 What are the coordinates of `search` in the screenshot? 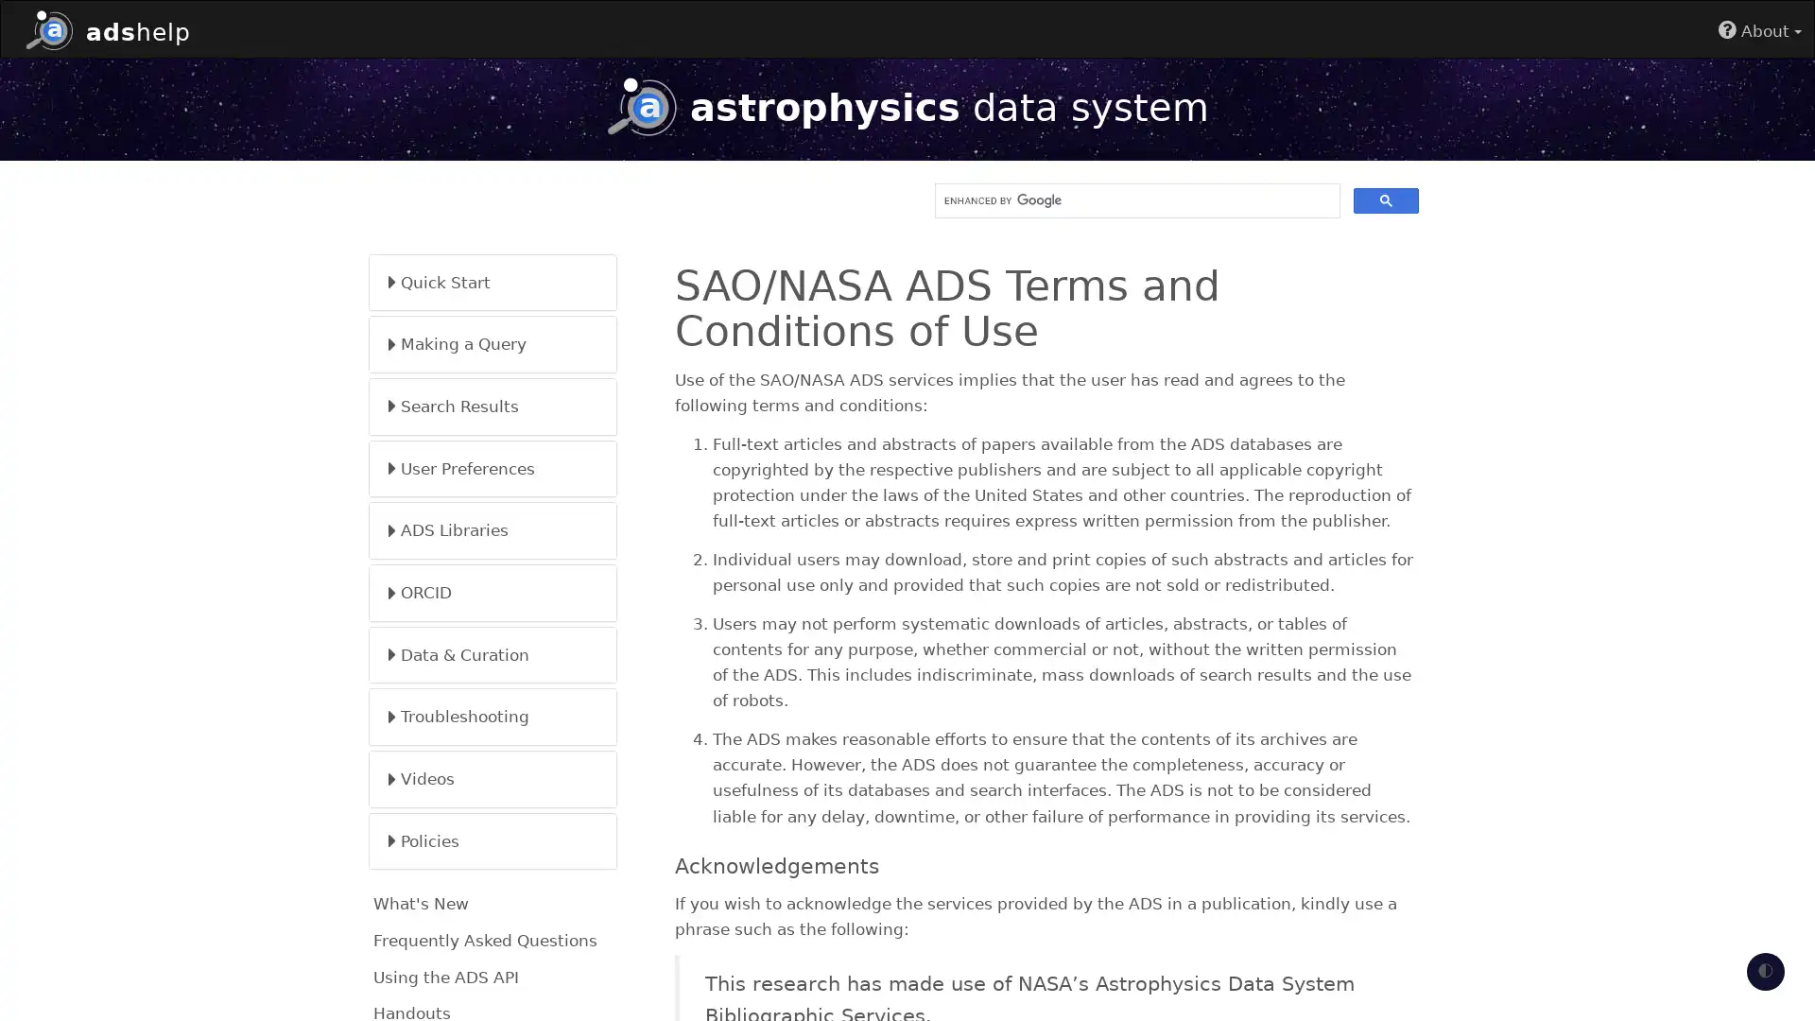 It's located at (1386, 199).